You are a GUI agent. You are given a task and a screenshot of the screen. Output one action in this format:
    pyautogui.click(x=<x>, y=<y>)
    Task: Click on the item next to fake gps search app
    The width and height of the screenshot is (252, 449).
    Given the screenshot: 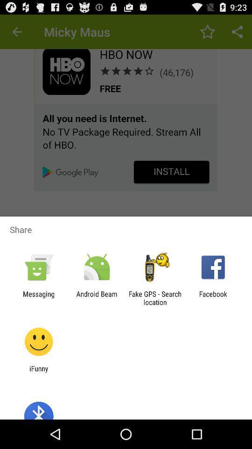 What is the action you would take?
    pyautogui.click(x=213, y=297)
    